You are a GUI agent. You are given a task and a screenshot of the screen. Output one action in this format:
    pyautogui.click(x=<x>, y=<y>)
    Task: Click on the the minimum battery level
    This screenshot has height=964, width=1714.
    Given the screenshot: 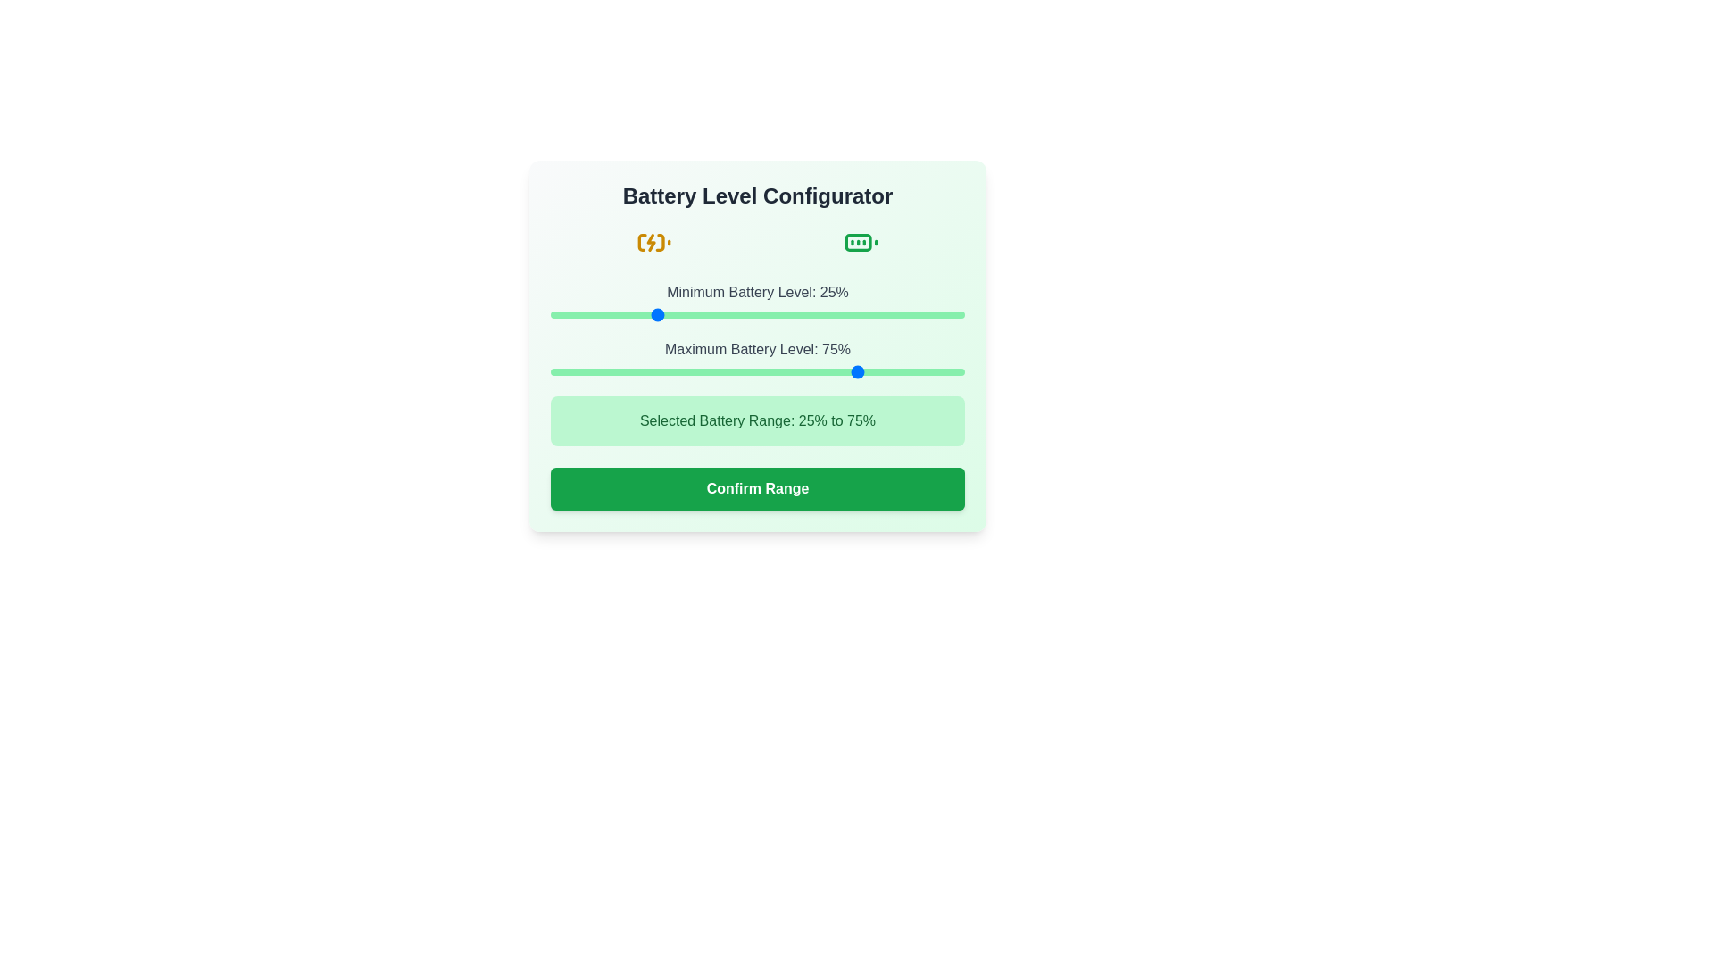 What is the action you would take?
    pyautogui.click(x=724, y=314)
    